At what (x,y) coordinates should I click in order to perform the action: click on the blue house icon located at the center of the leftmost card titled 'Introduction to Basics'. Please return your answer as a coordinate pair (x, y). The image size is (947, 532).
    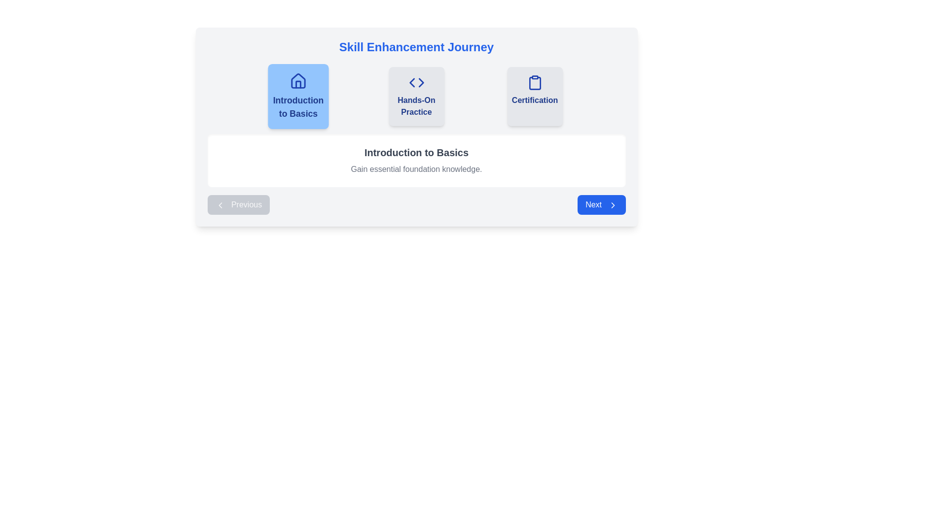
    Looking at the image, I should click on (297, 81).